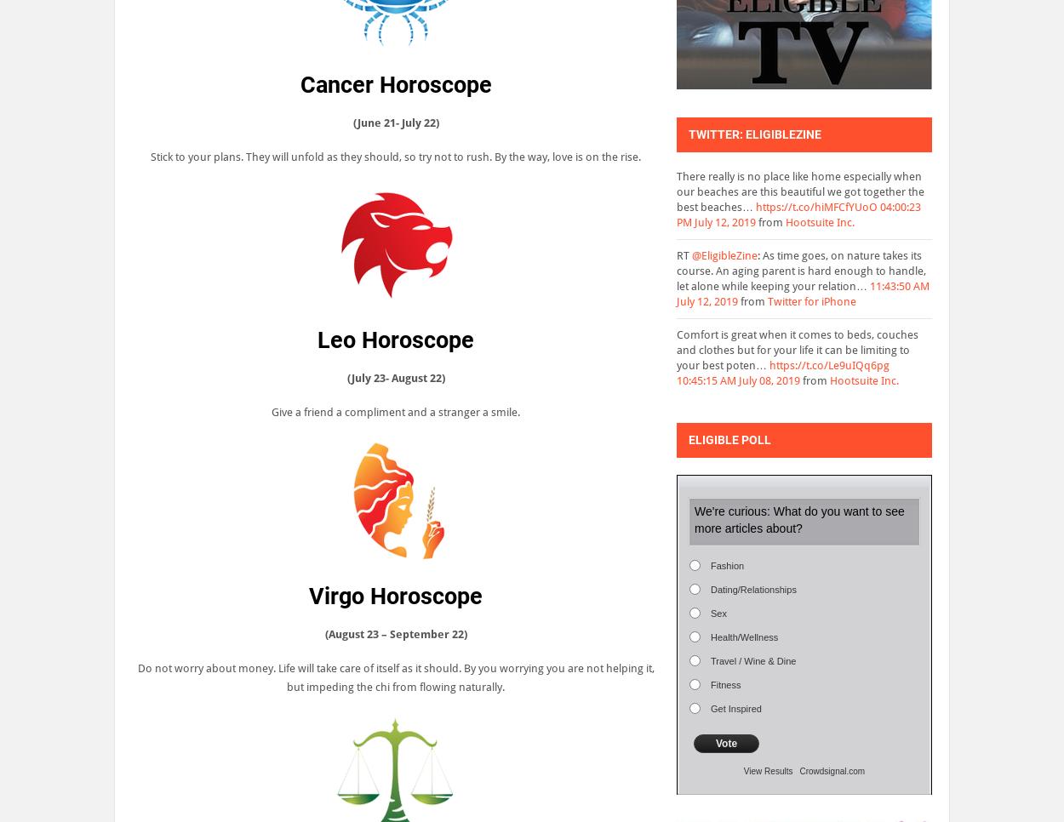 Image resolution: width=1064 pixels, height=822 pixels. Describe the element at coordinates (798, 214) in the screenshot. I see `'04:00:23 PM July 12, 2019'` at that location.